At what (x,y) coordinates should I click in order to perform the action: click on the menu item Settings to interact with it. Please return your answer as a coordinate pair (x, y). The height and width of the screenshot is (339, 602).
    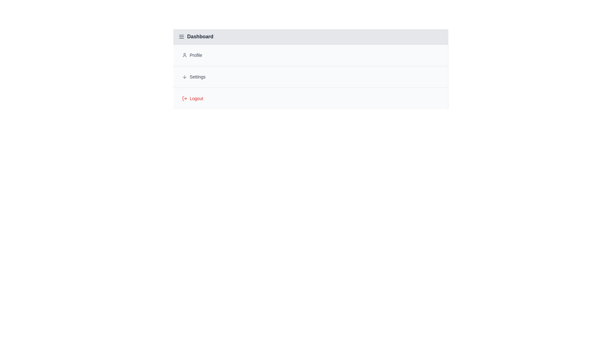
    Looking at the image, I should click on (310, 77).